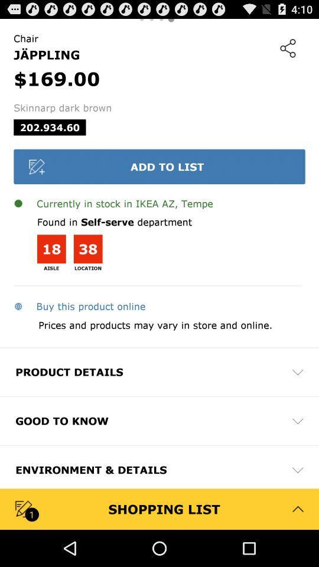 The height and width of the screenshot is (567, 319). Describe the element at coordinates (297, 508) in the screenshot. I see `the button which is next to the shopping list` at that location.